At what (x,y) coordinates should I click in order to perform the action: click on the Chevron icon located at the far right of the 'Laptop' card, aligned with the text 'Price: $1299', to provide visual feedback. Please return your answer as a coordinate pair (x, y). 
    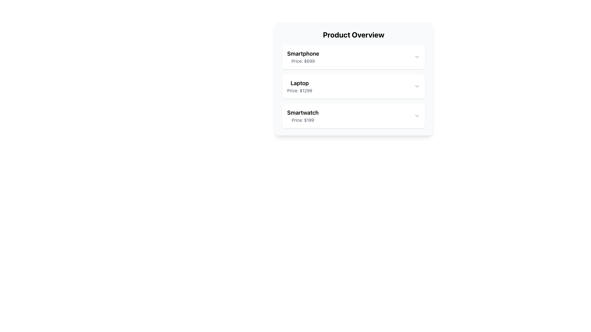
    Looking at the image, I should click on (417, 86).